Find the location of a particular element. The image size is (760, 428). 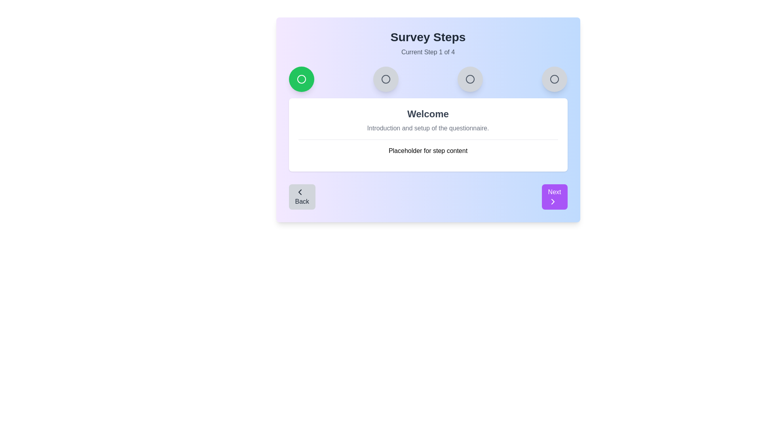

the gray-colored text label that states 'Introduction and setup of the questionnaire', positioned beneath the 'Welcome' heading is located at coordinates (427, 128).